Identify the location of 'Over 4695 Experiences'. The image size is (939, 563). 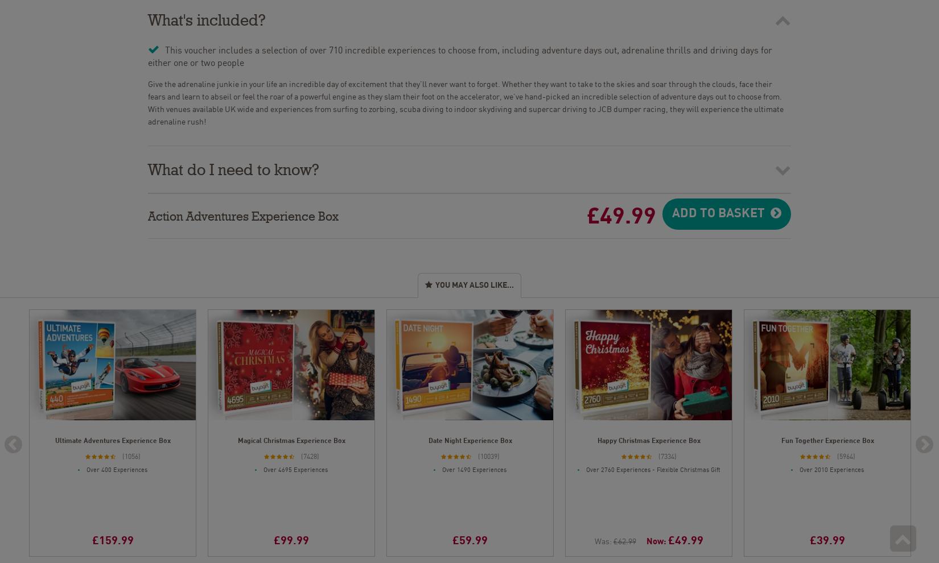
(295, 466).